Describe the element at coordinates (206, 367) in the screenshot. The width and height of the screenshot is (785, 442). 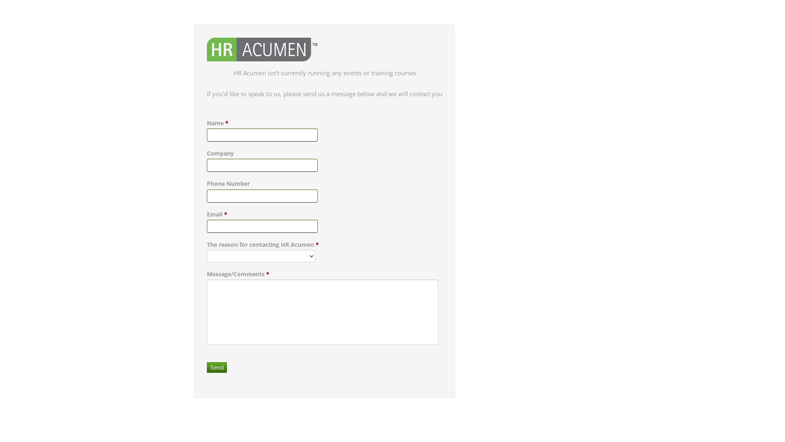
I see `'Send'` at that location.